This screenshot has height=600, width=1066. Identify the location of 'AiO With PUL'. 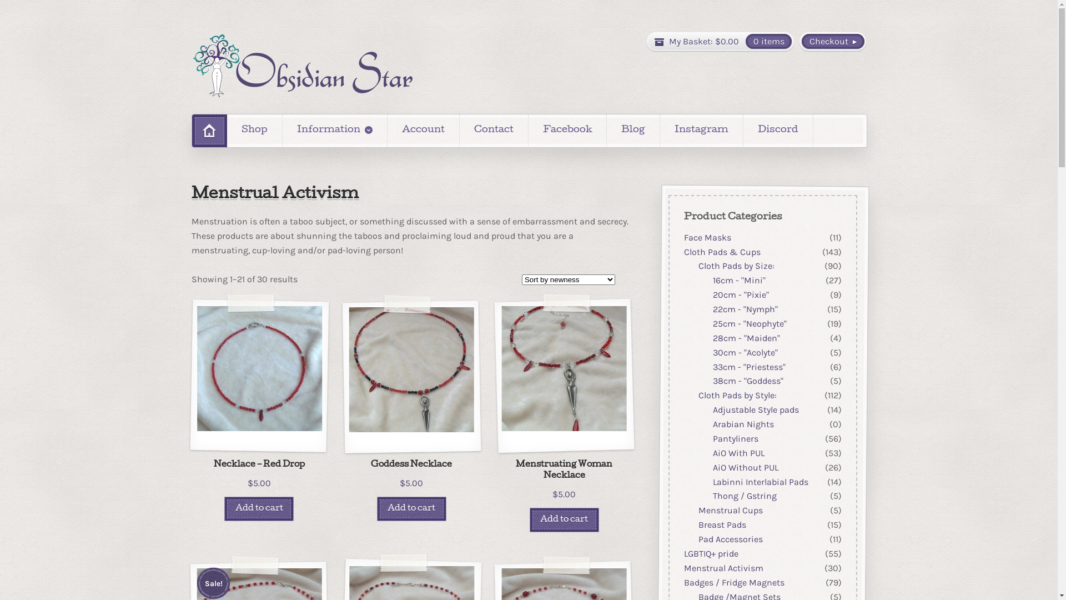
(738, 453).